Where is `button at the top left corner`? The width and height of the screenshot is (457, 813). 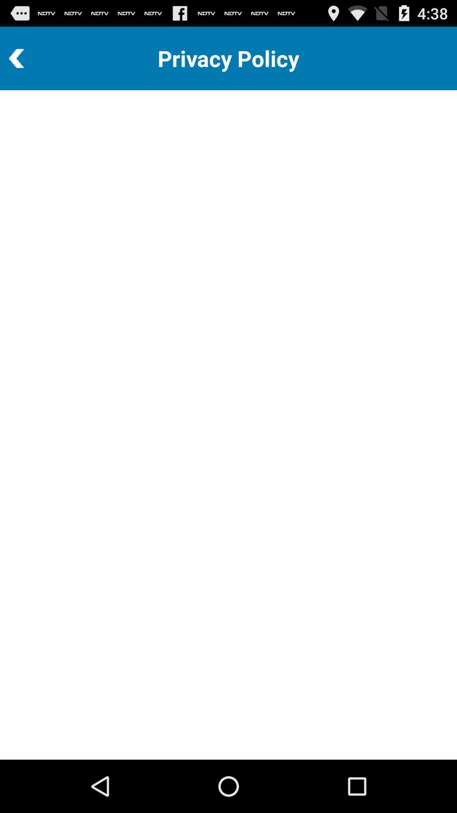
button at the top left corner is located at coordinates (39, 58).